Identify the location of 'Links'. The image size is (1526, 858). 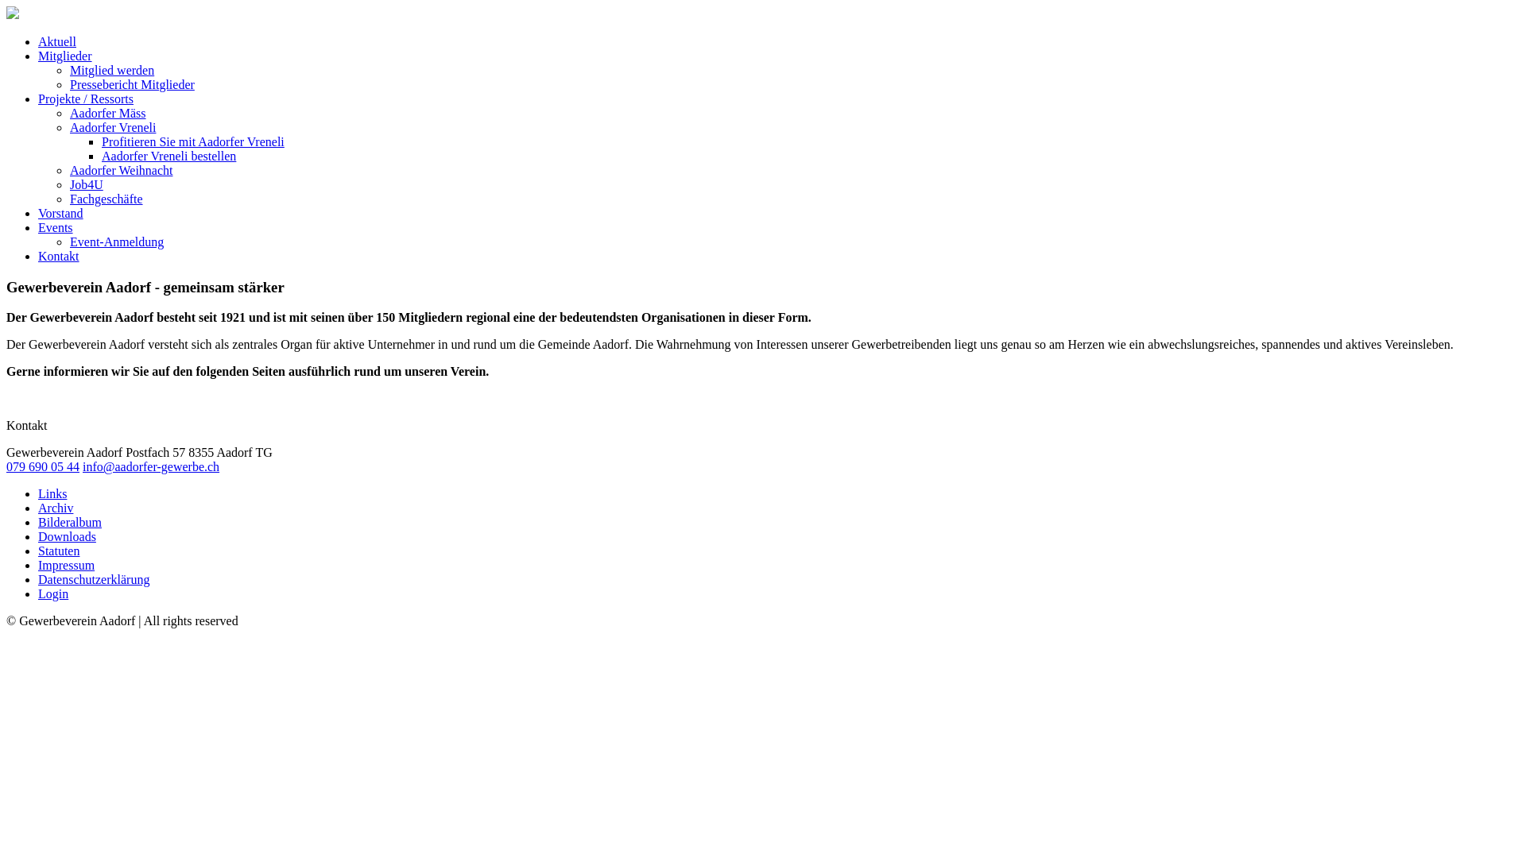
(52, 493).